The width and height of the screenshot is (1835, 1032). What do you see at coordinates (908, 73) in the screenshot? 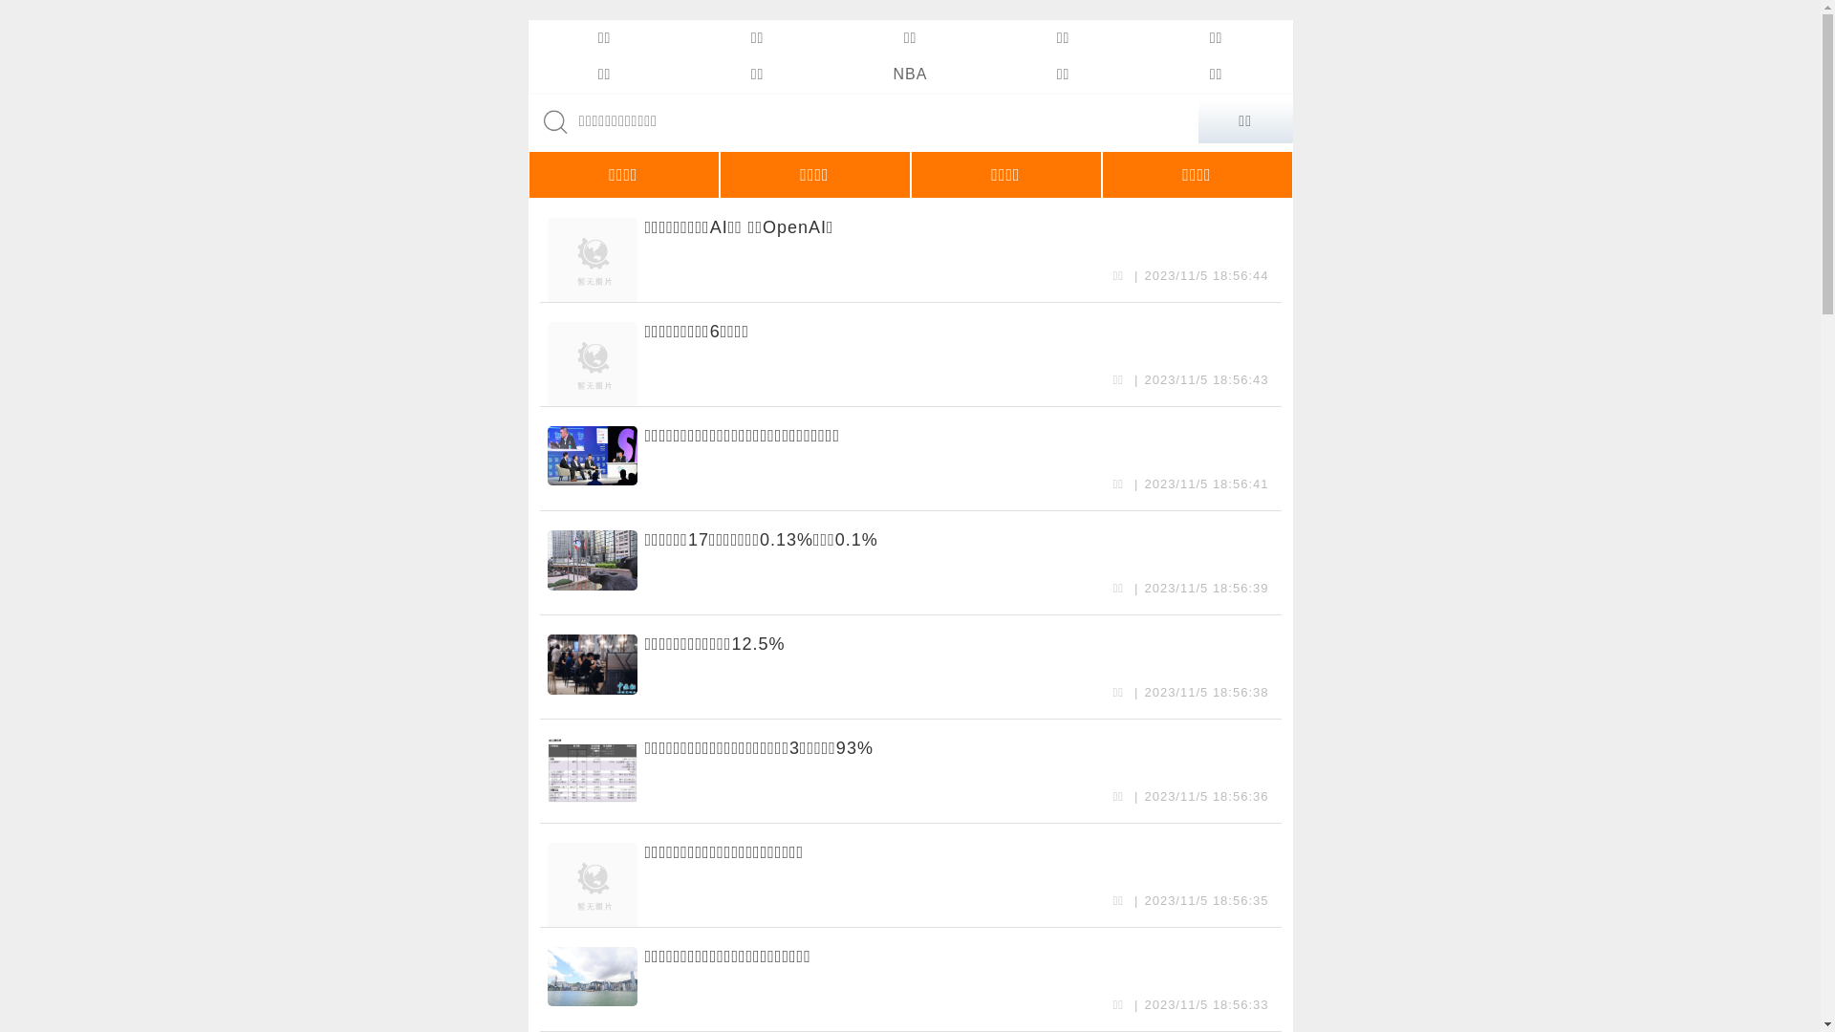
I see `'NBA'` at bounding box center [908, 73].